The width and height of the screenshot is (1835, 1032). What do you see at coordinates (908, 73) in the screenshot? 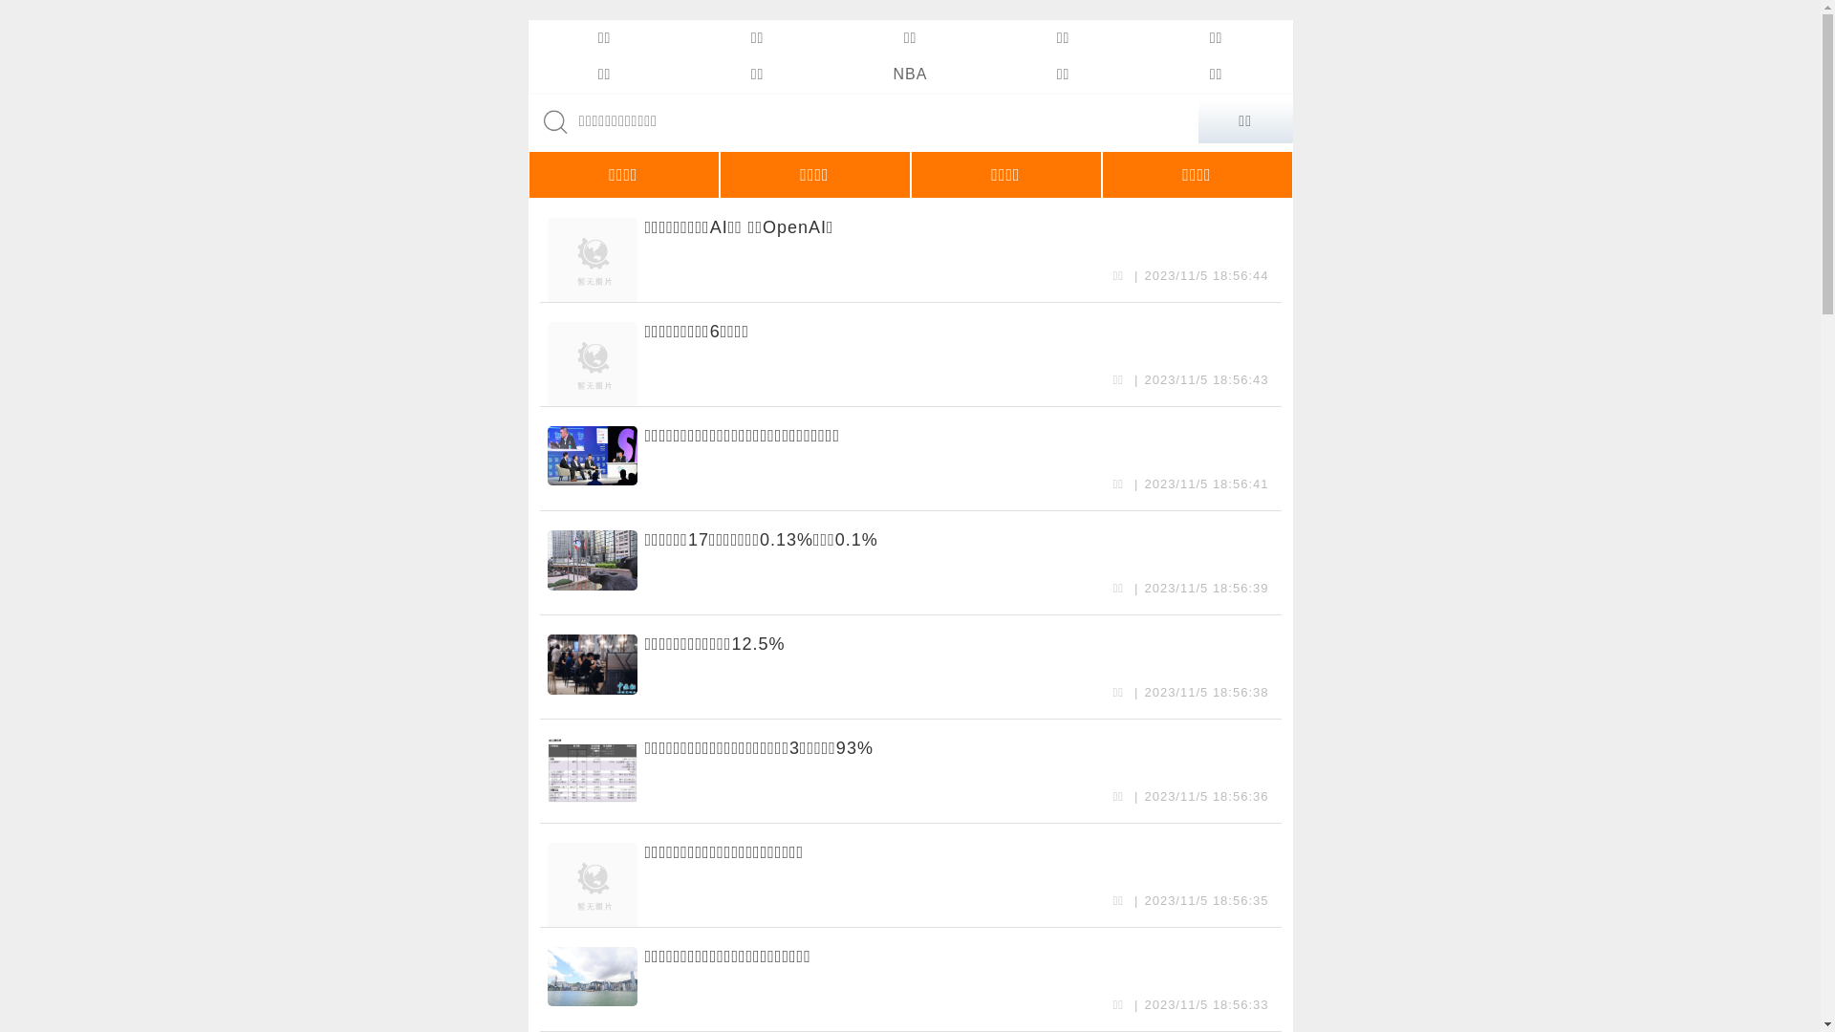
I see `'NBA'` at bounding box center [908, 73].